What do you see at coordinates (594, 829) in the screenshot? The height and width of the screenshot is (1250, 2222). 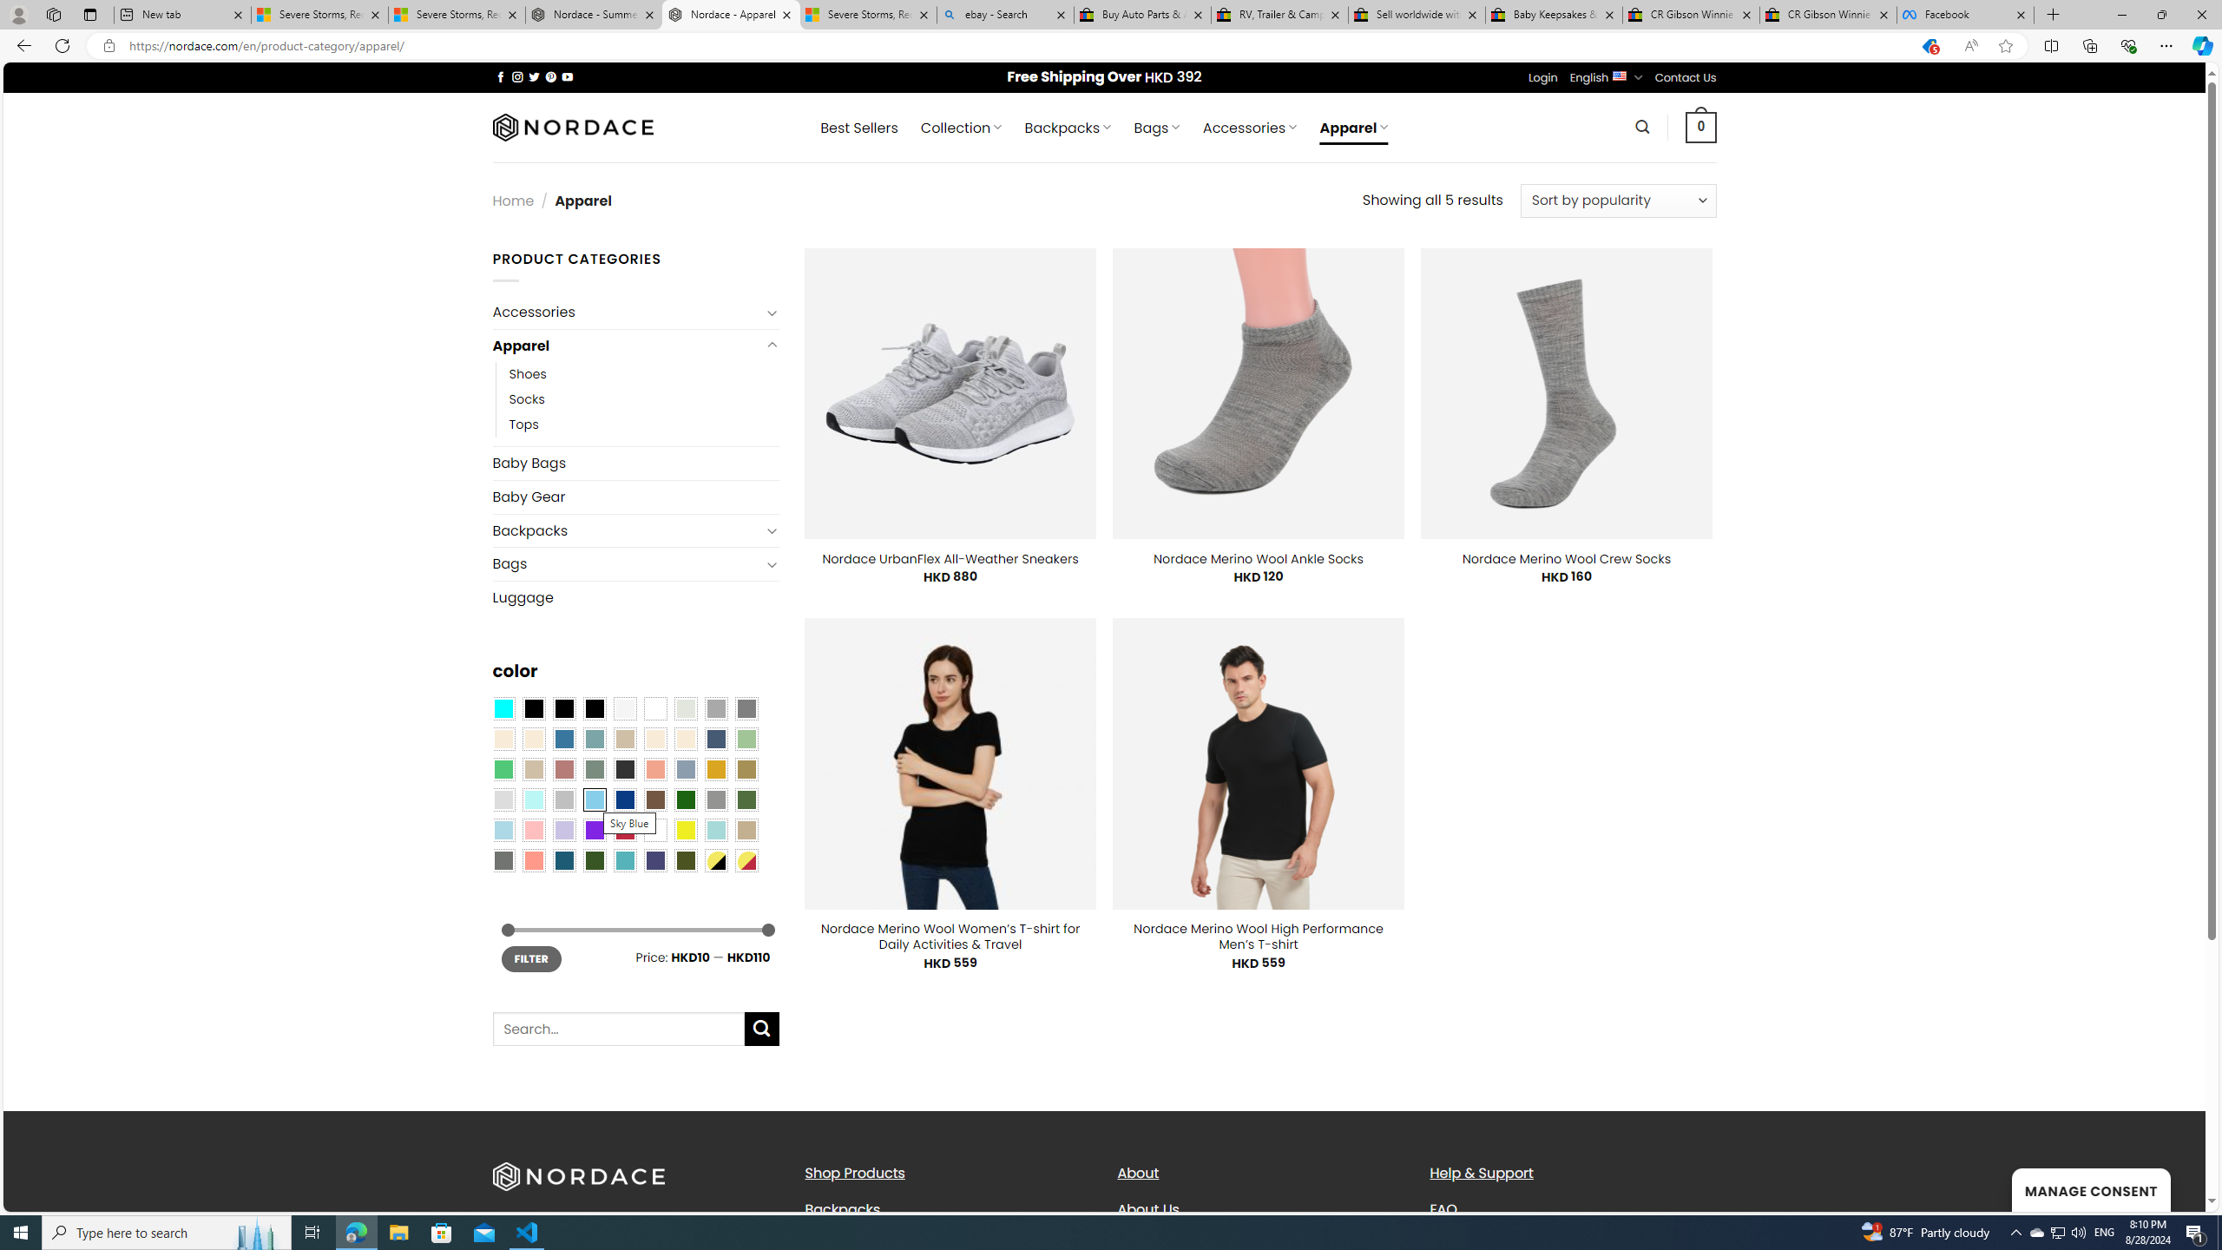 I see `'Purple'` at bounding box center [594, 829].